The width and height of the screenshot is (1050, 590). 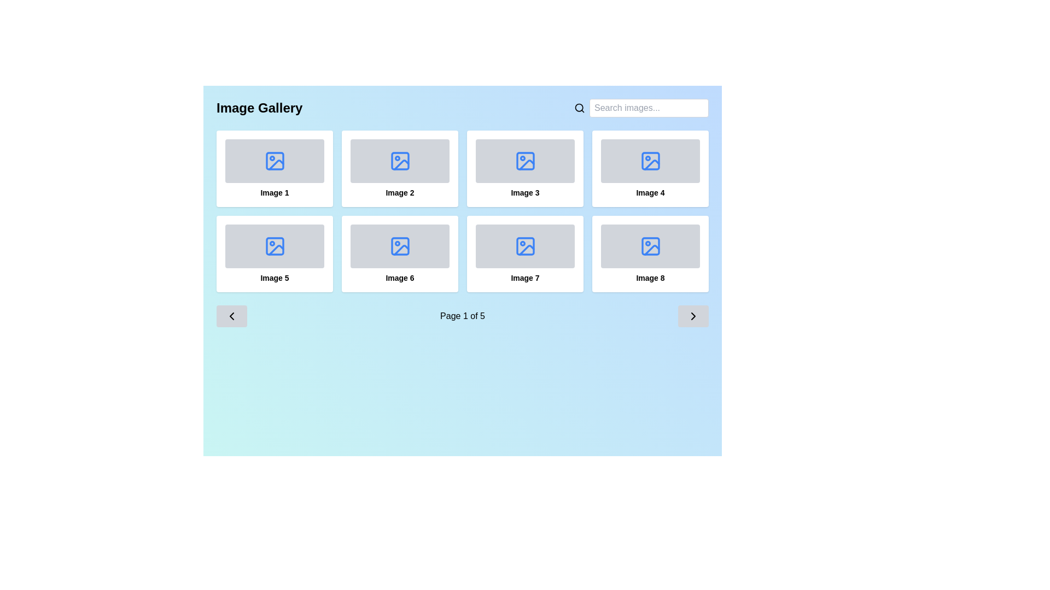 What do you see at coordinates (650, 254) in the screenshot?
I see `the card labeled 'Image 8' located in the bottom-right corner of the grid` at bounding box center [650, 254].